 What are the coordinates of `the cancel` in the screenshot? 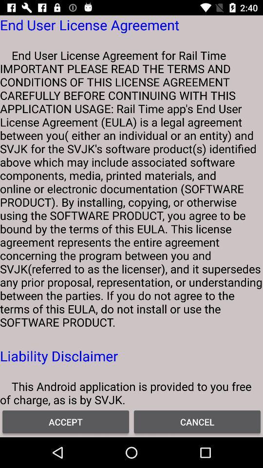 It's located at (197, 421).